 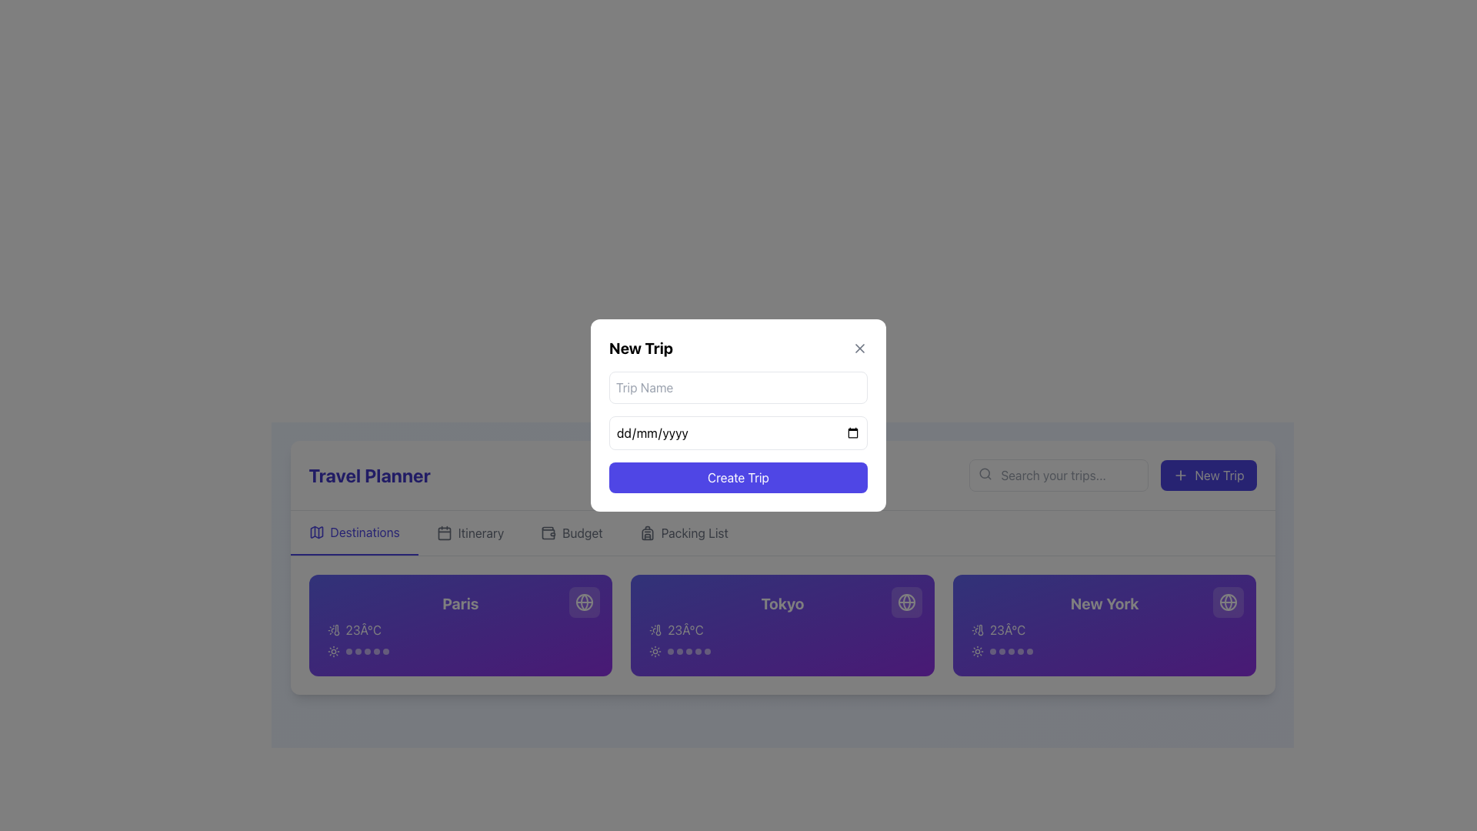 I want to click on the global context icon located in the top-right corner of the 'Tokyo' card displaying temperature information, so click(x=906, y=602).